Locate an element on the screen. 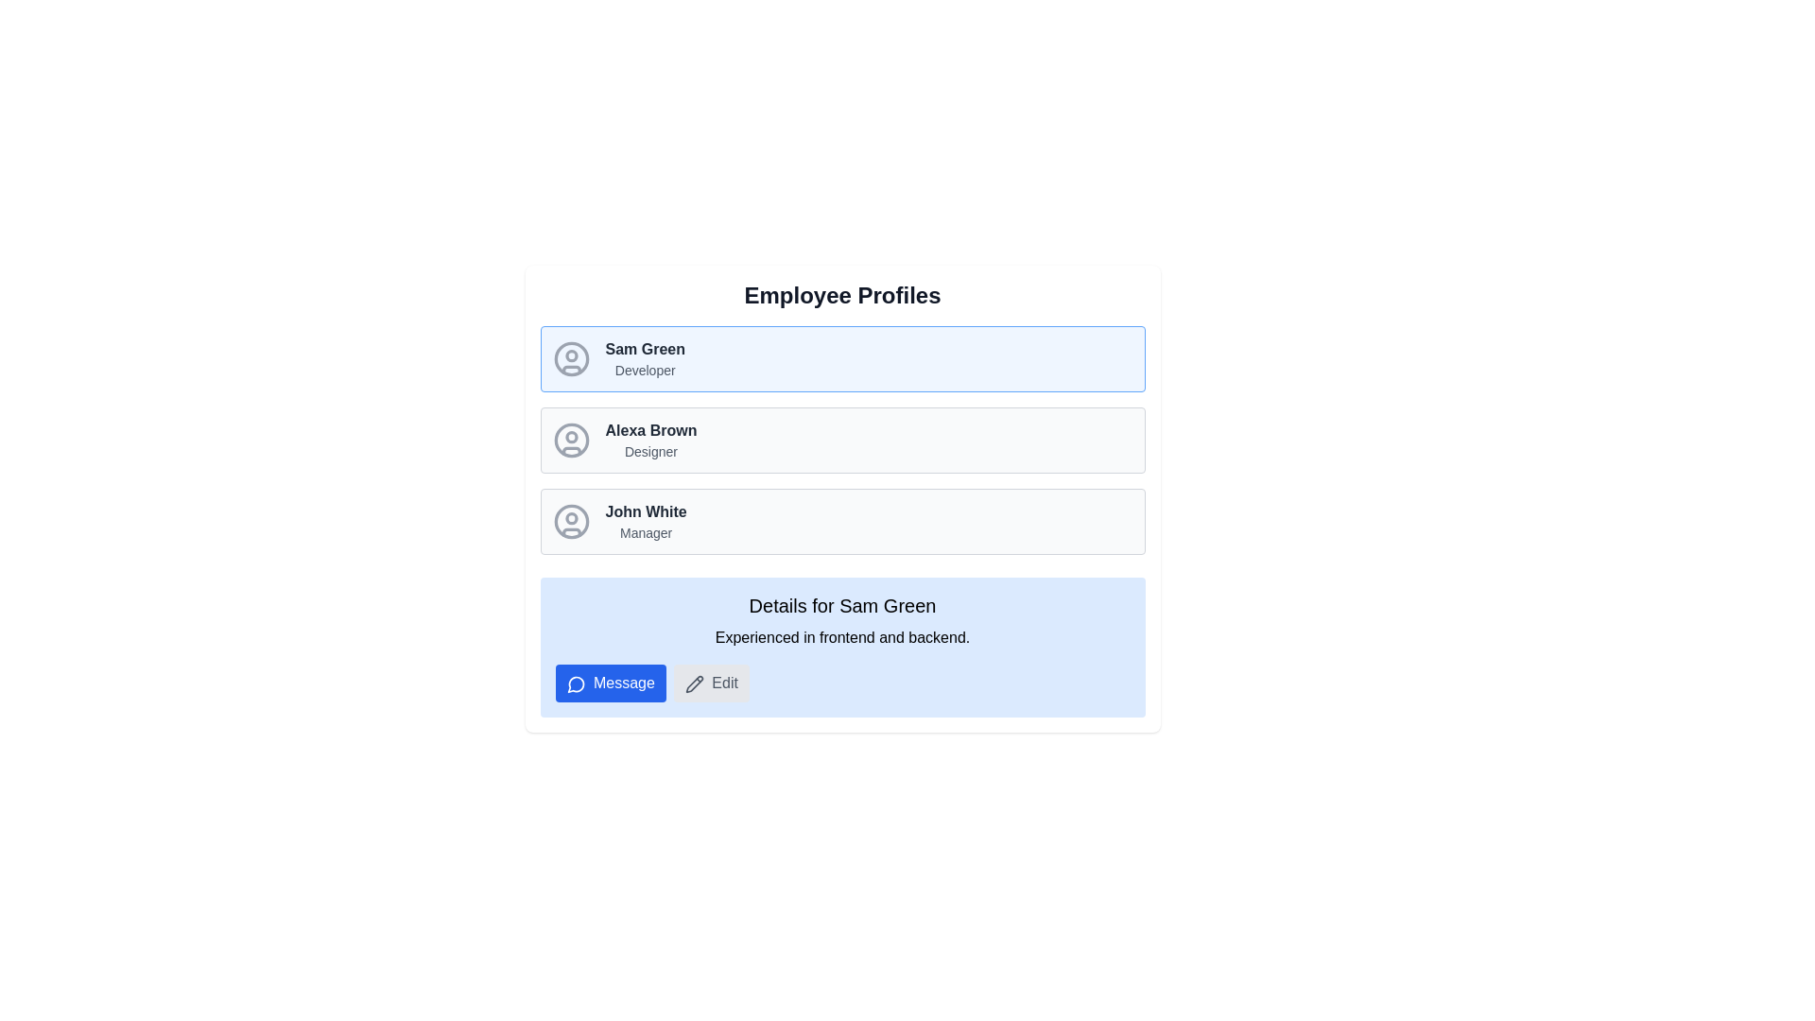 The height and width of the screenshot is (1021, 1815). the 'Message' button located at the bottom of the 'Details for Sam Green' section, which contains an icon indicating messaging functionality is located at coordinates (575, 684).